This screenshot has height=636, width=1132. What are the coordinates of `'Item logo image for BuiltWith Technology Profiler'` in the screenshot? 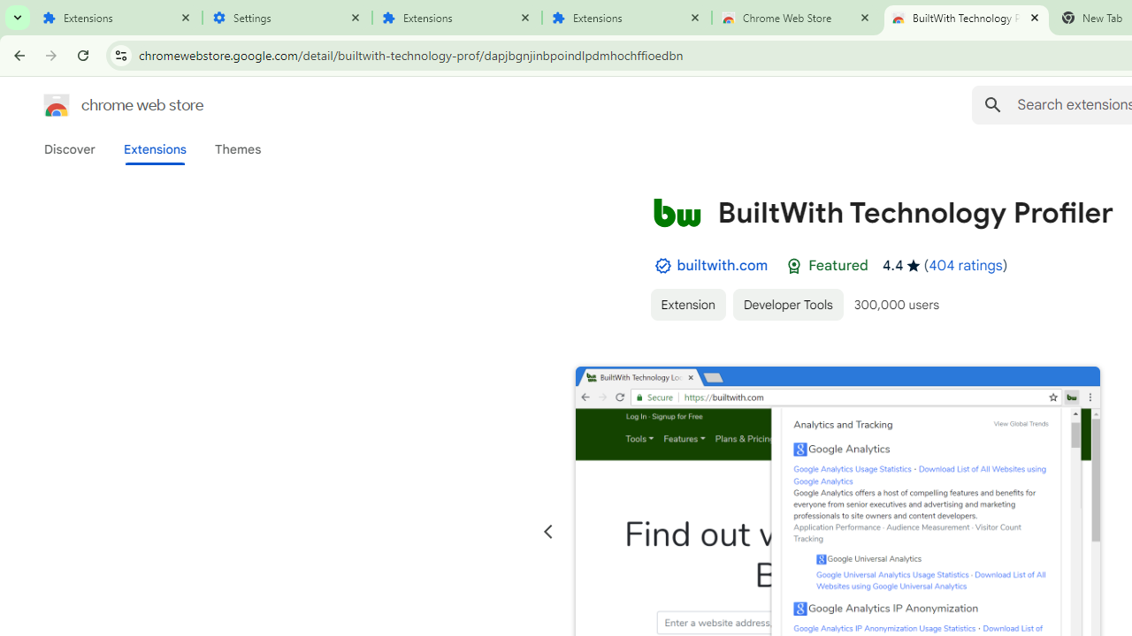 It's located at (676, 211).